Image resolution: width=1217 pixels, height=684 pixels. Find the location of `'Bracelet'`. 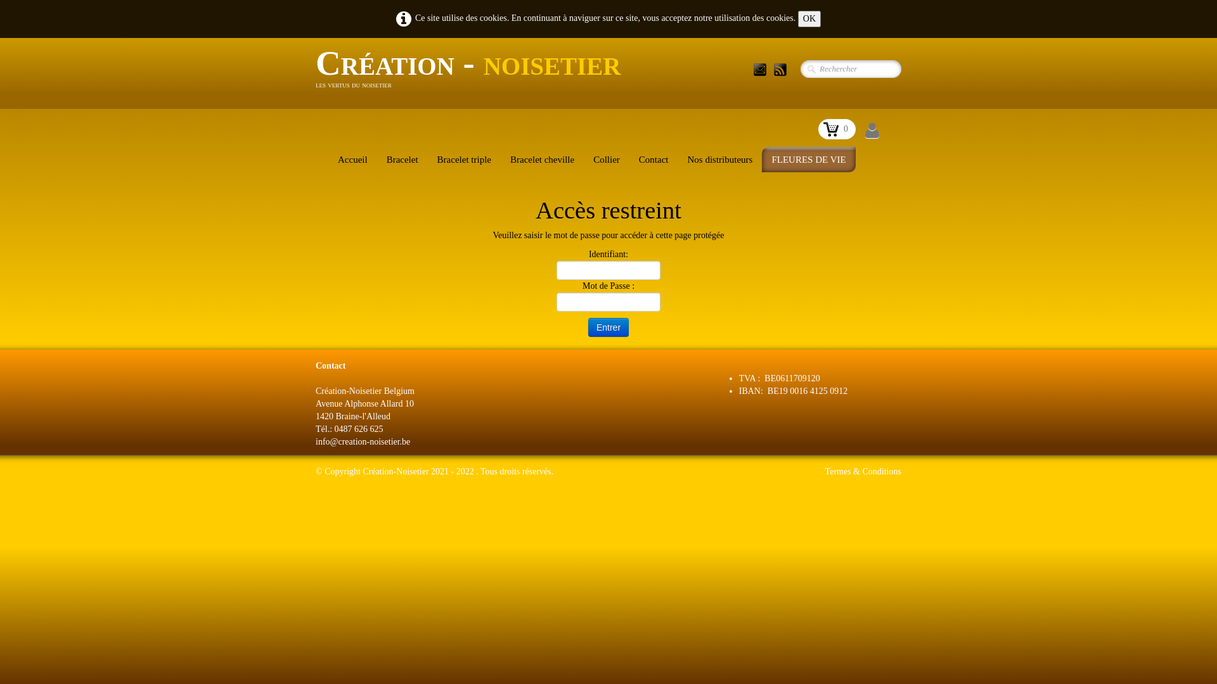

'Bracelet' is located at coordinates (401, 158).